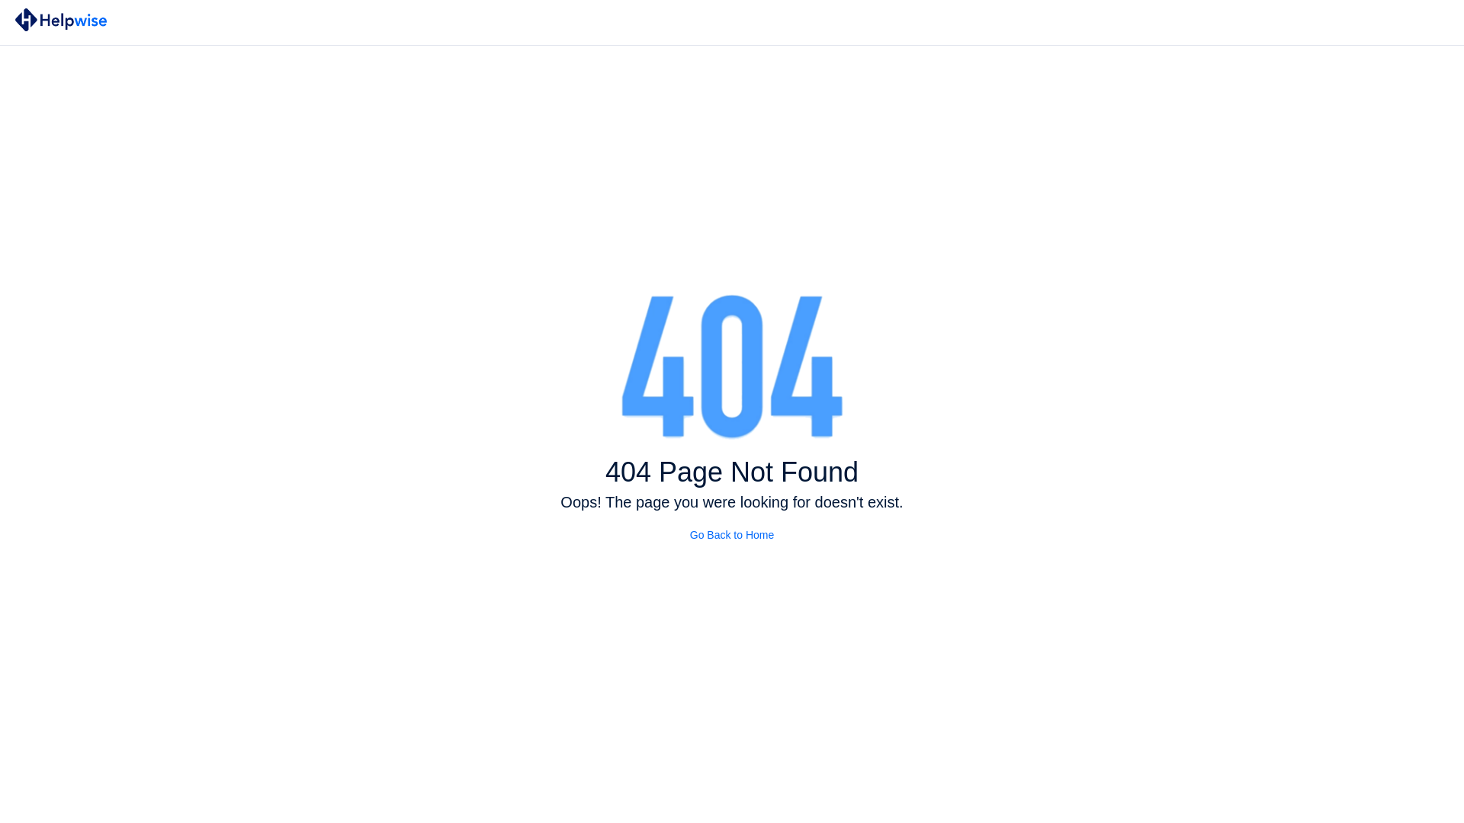 Image resolution: width=1464 pixels, height=823 pixels. What do you see at coordinates (732, 534) in the screenshot?
I see `'Go Back to Home'` at bounding box center [732, 534].